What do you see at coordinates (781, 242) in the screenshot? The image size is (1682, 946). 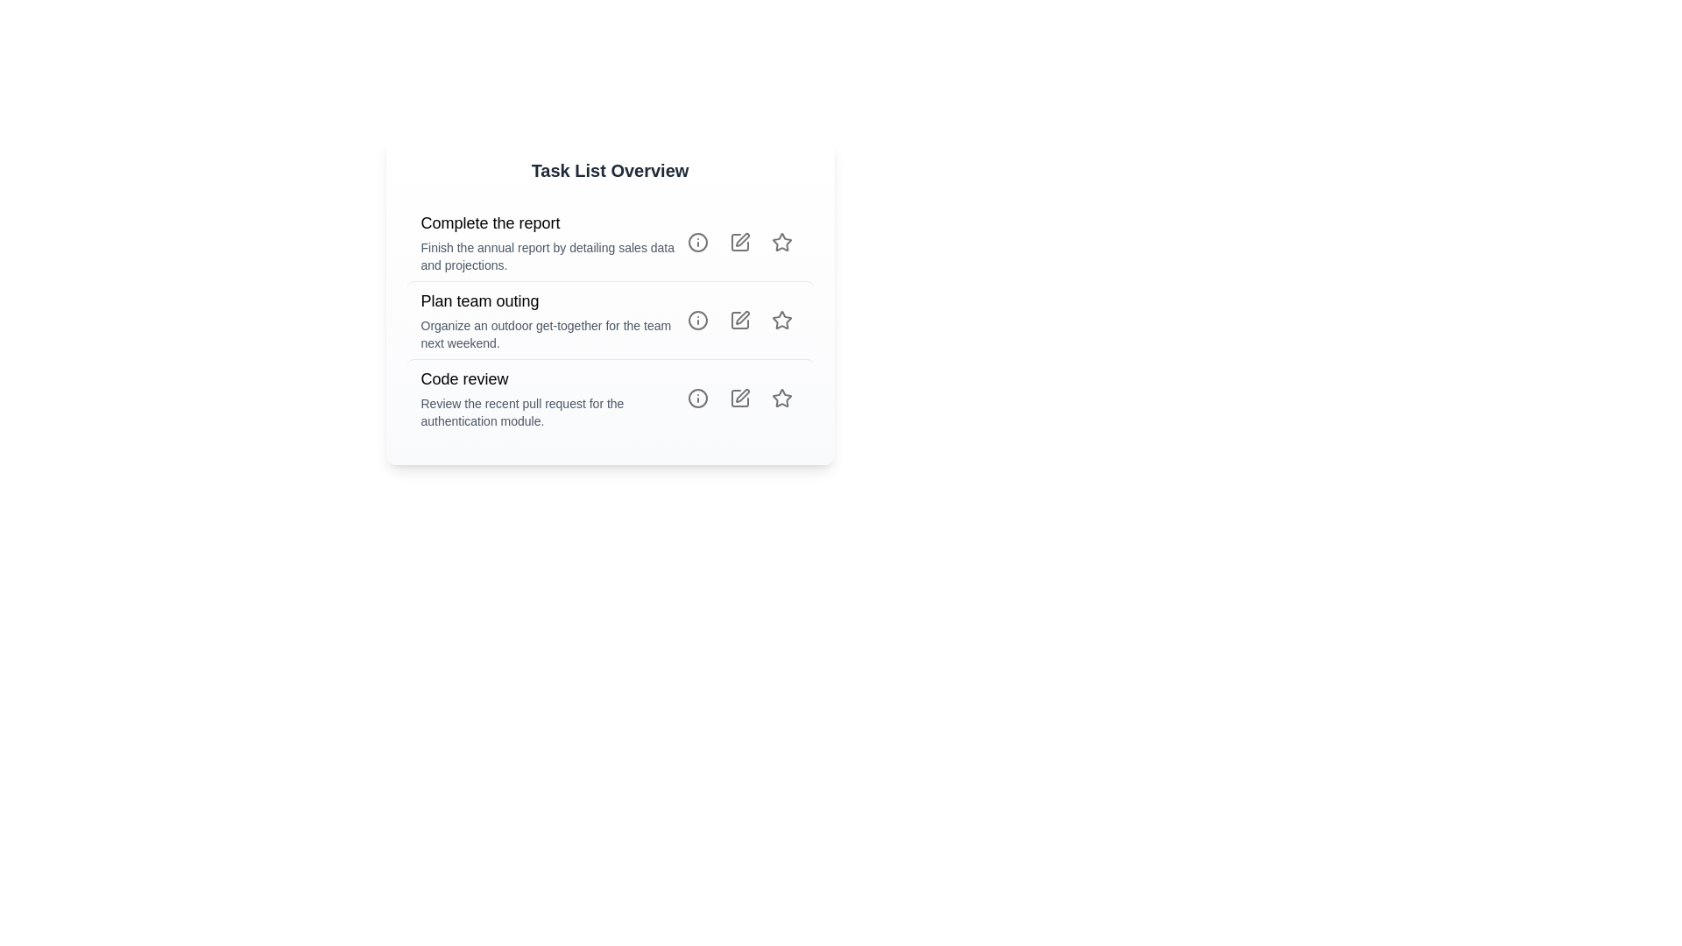 I see `the star-shaped icon located to the right of the 'Complete the report' task` at bounding box center [781, 242].